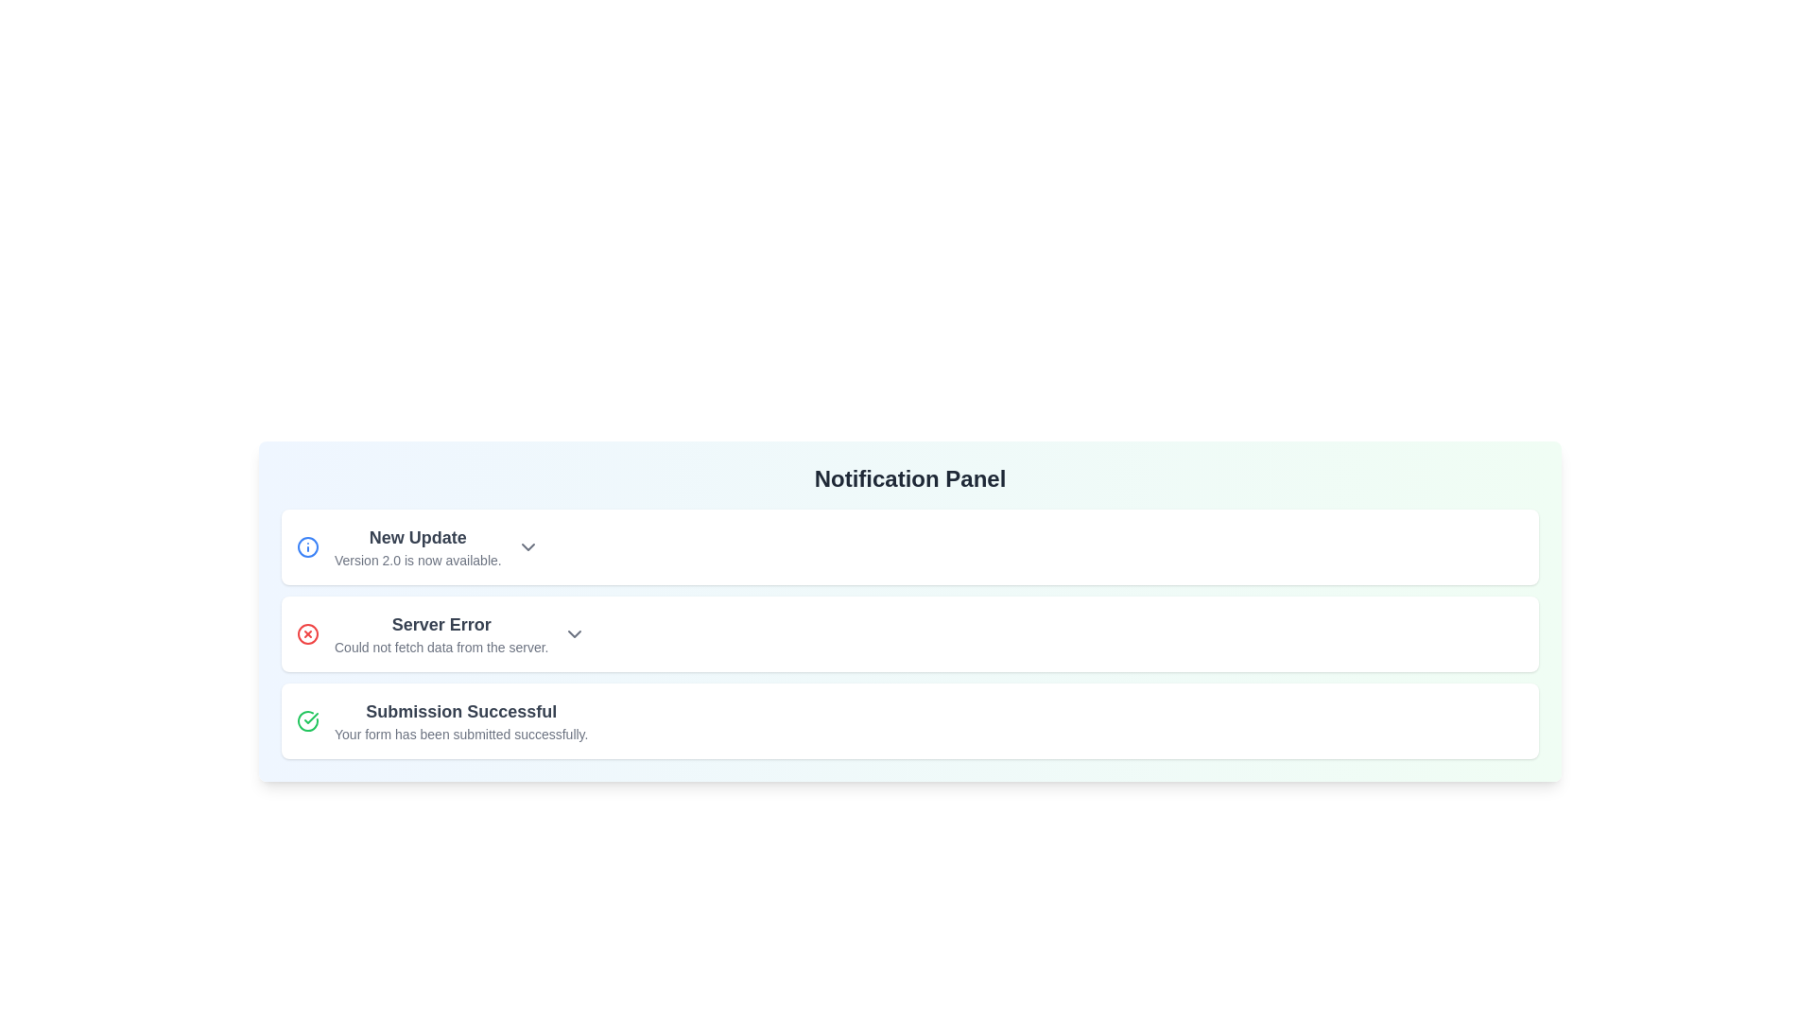  What do you see at coordinates (441, 634) in the screenshot?
I see `error message displayed in the text block that states 'Could not fetch data from the server.' This text block is the second item in a vertically arranged notification panel, situated below the 'New Update' notification and above the 'Submission Successful' notification` at bounding box center [441, 634].